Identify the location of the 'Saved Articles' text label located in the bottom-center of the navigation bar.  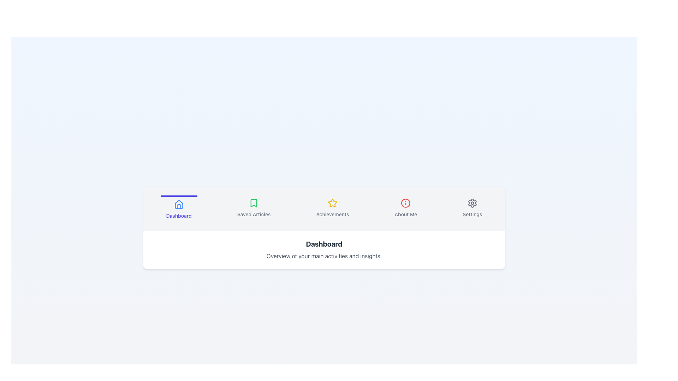
(254, 214).